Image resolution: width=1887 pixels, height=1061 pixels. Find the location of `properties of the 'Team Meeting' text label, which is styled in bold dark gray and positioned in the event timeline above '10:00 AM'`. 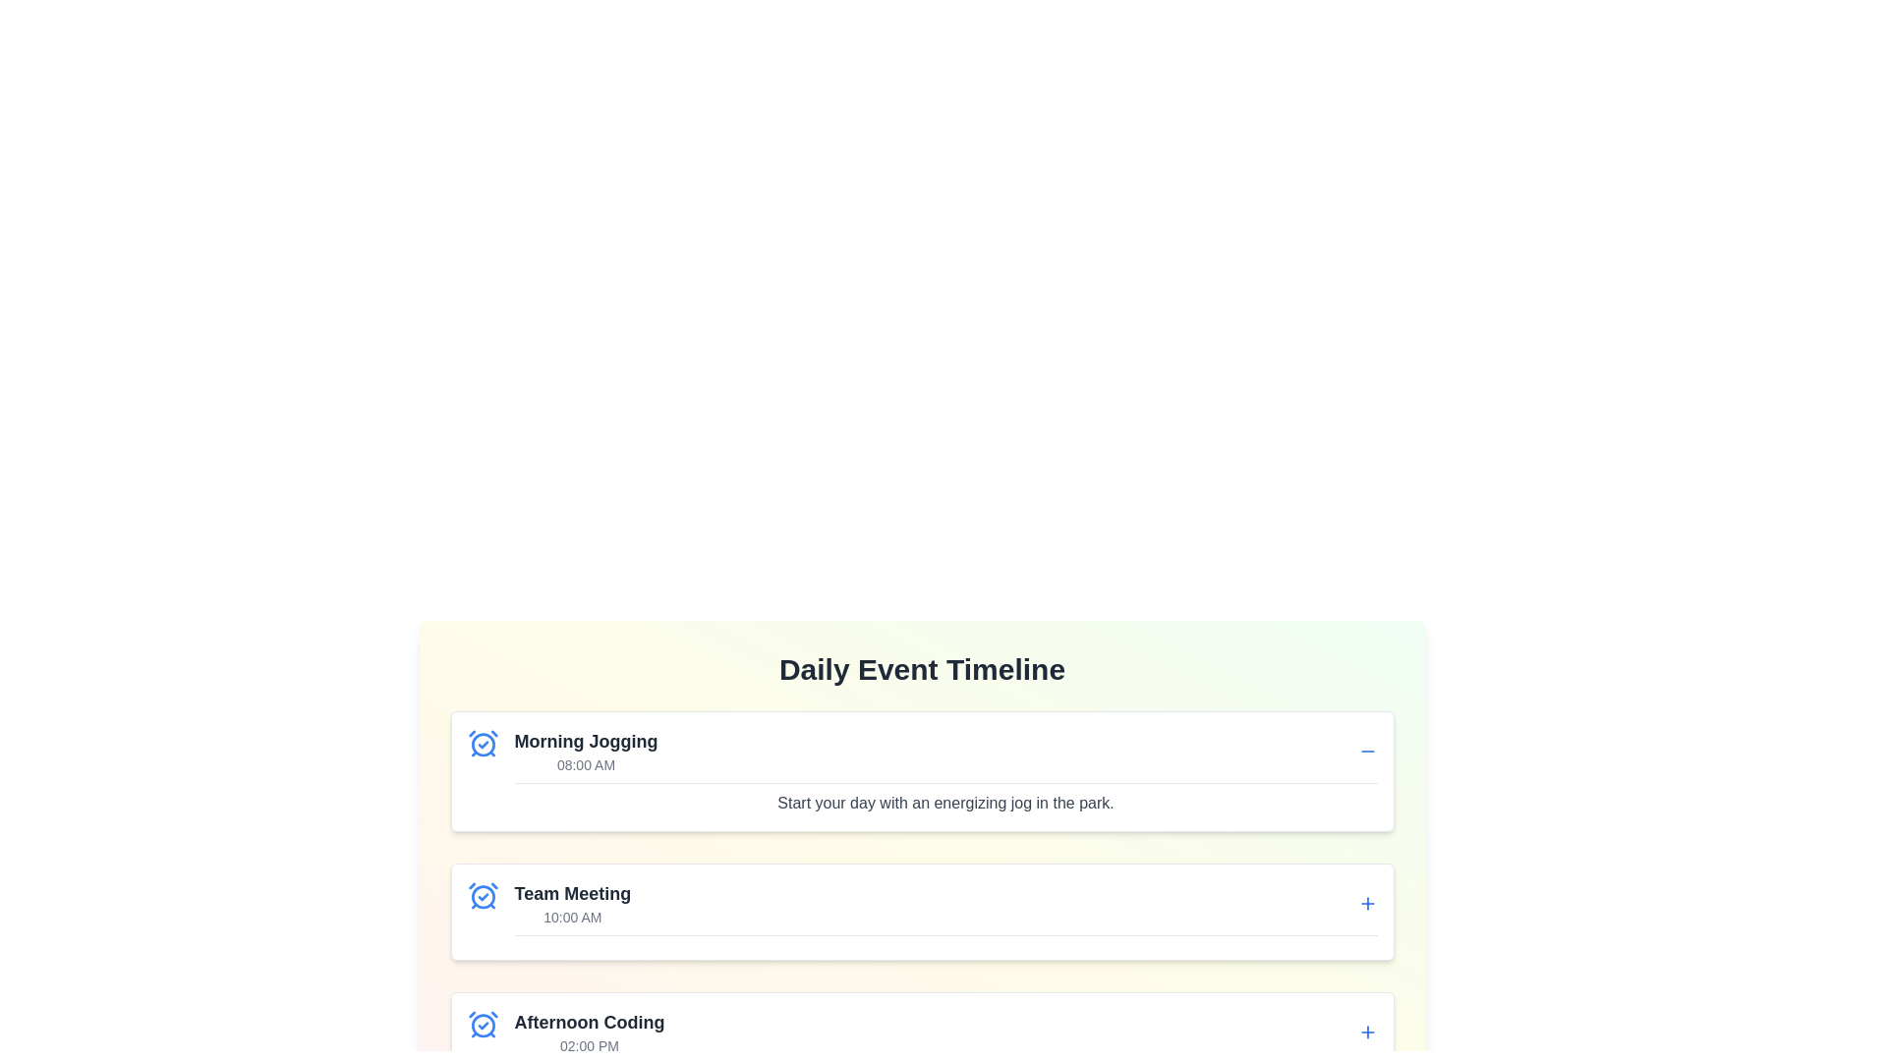

properties of the 'Team Meeting' text label, which is styled in bold dark gray and positioned in the event timeline above '10:00 AM' is located at coordinates (571, 894).